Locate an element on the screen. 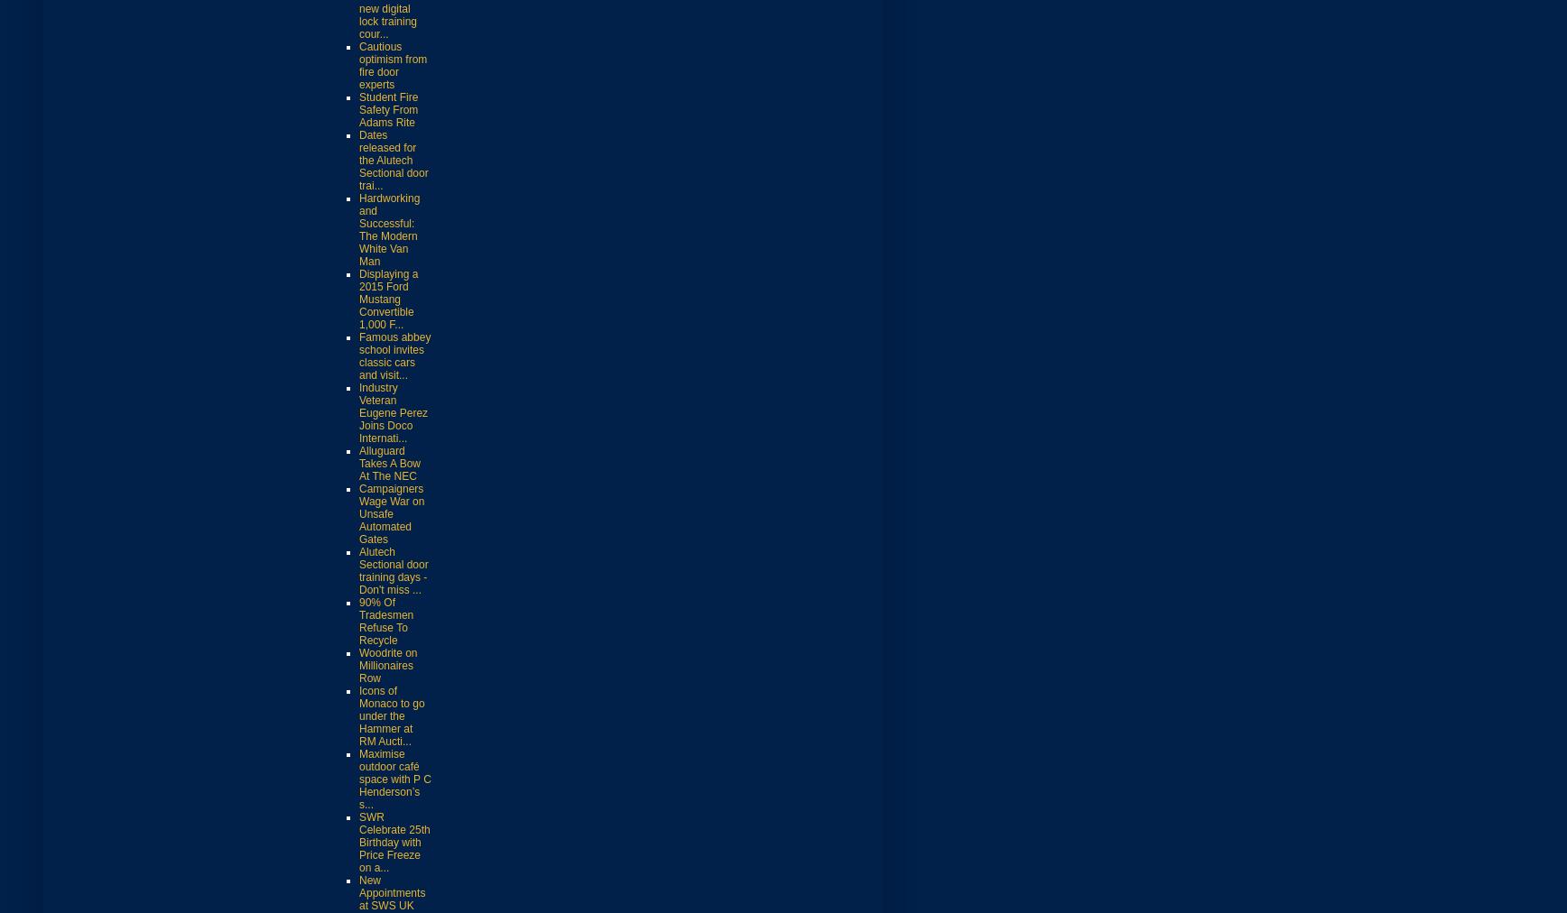 This screenshot has height=913, width=1567. 'Maximise outdoor café space with P C Henderson’s s...' is located at coordinates (394, 778).